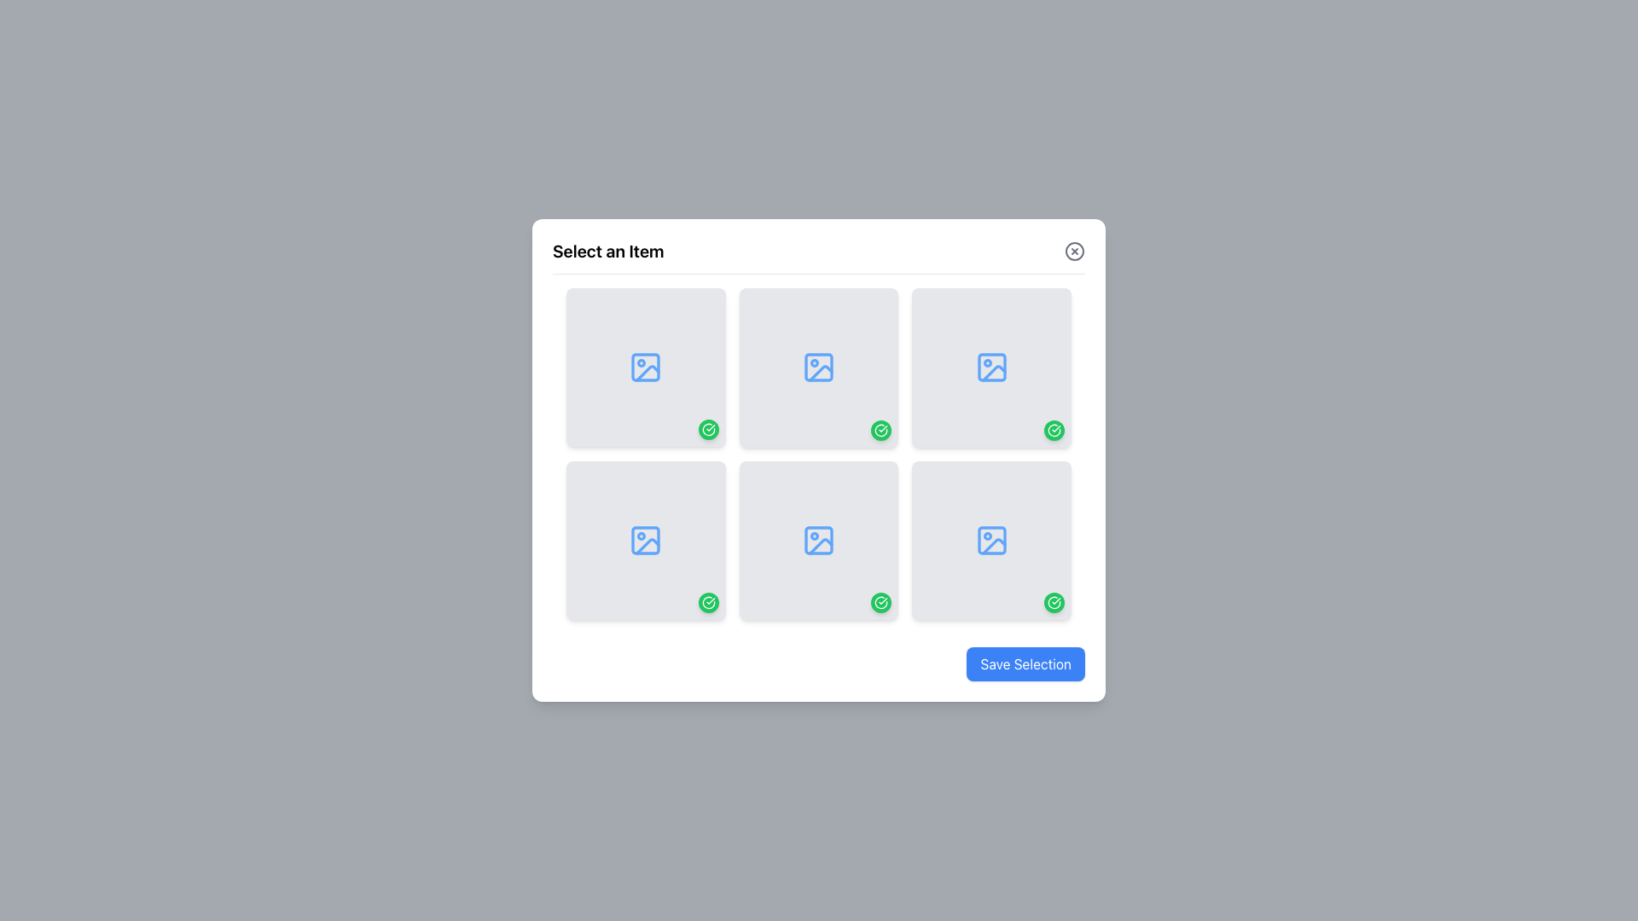 The width and height of the screenshot is (1638, 921). What do you see at coordinates (881, 602) in the screenshot?
I see `the checkmark icon with a green background located in the bottom-right corner of the sixth image placeholder on the interface` at bounding box center [881, 602].